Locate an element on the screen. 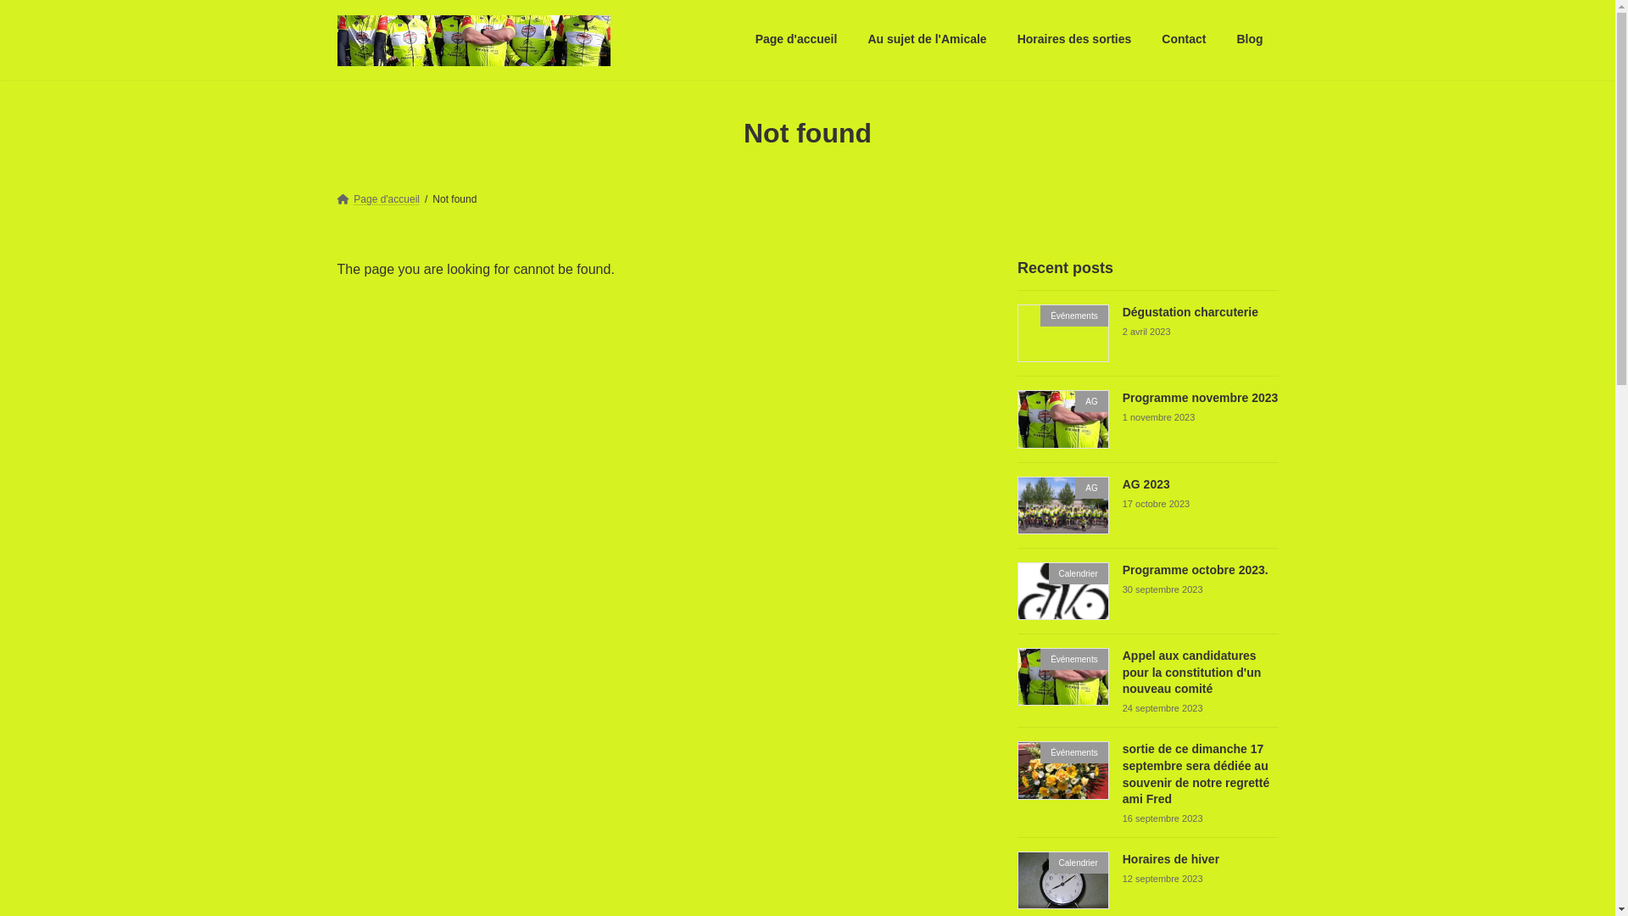 This screenshot has width=1628, height=916. 'Programme novembre 2023' is located at coordinates (1199, 398).